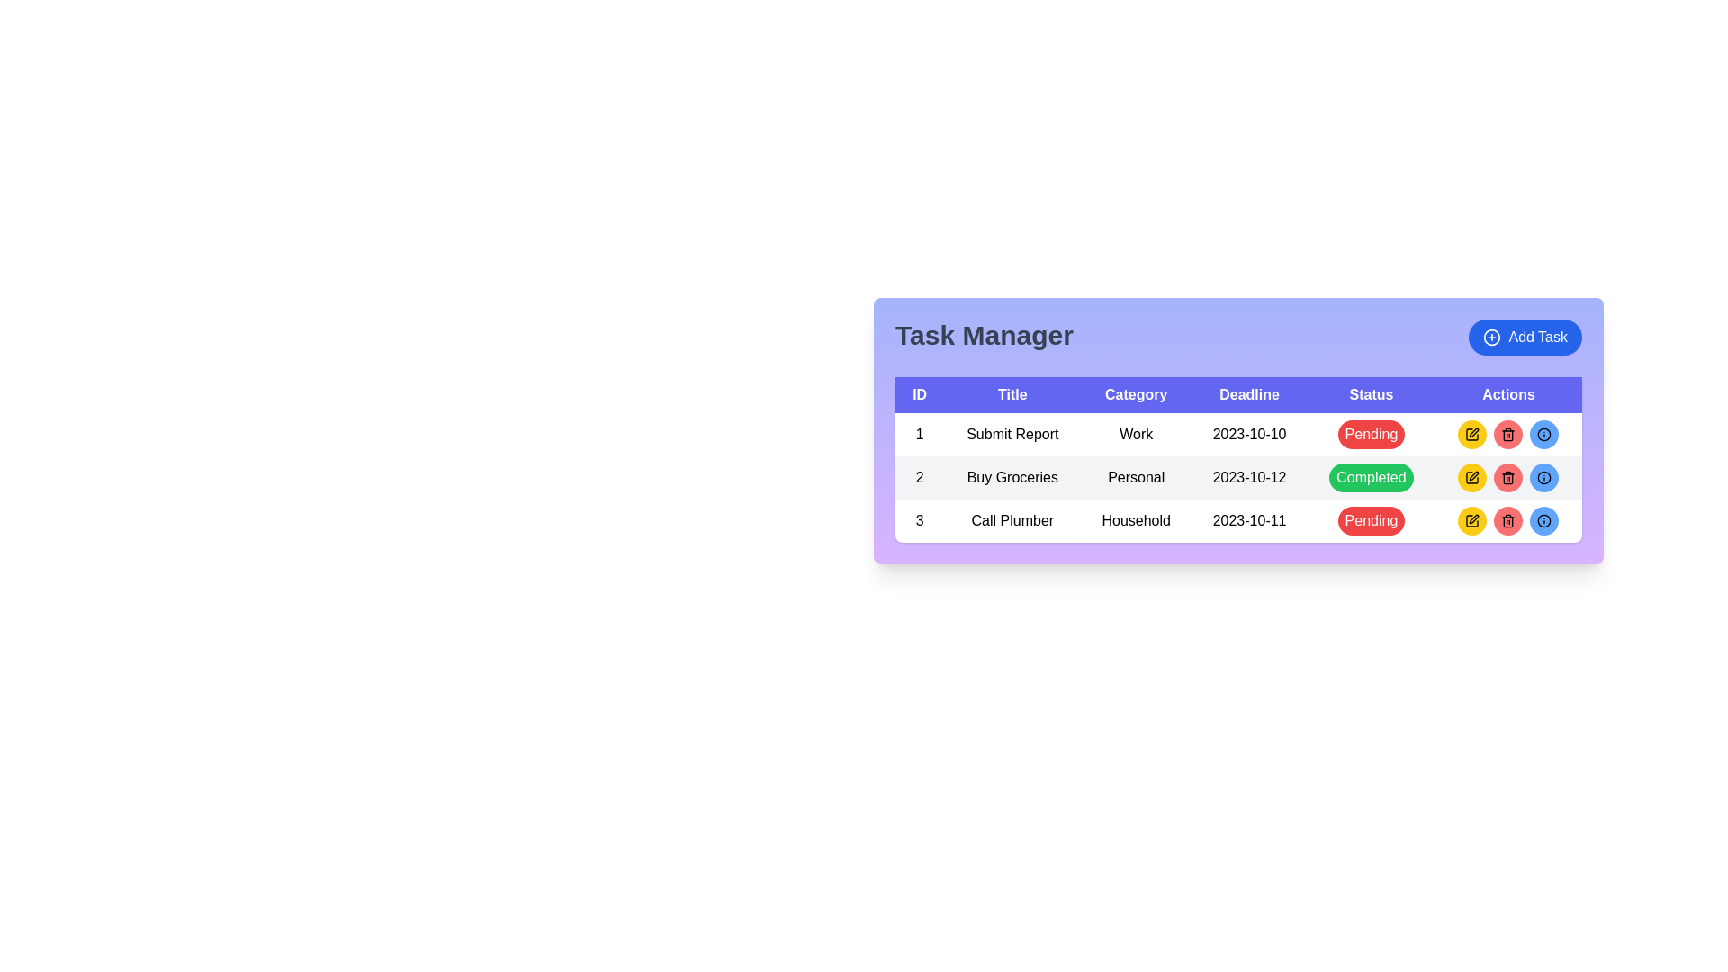 Image resolution: width=1728 pixels, height=972 pixels. I want to click on the 'Title' column header in the task management interface, which is the second column header located between the 'ID' and 'Category' headers, so click(1012, 394).